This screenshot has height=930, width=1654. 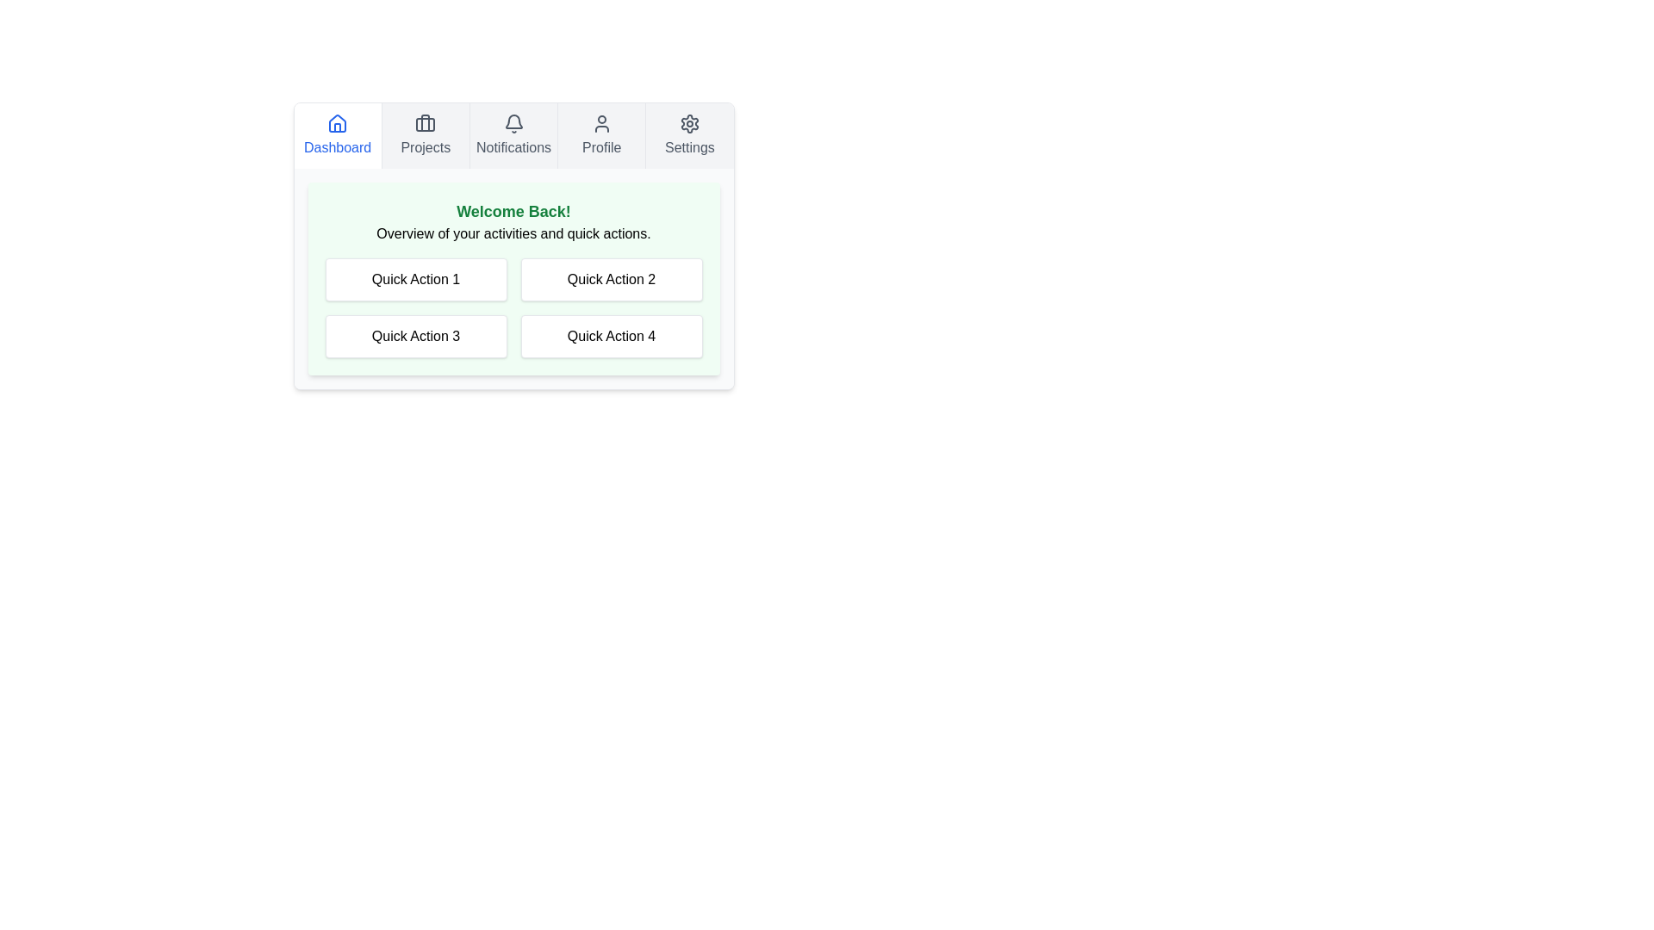 I want to click on the settings icon/button located at the top-right corner of the navigation bar, so click(x=689, y=122).